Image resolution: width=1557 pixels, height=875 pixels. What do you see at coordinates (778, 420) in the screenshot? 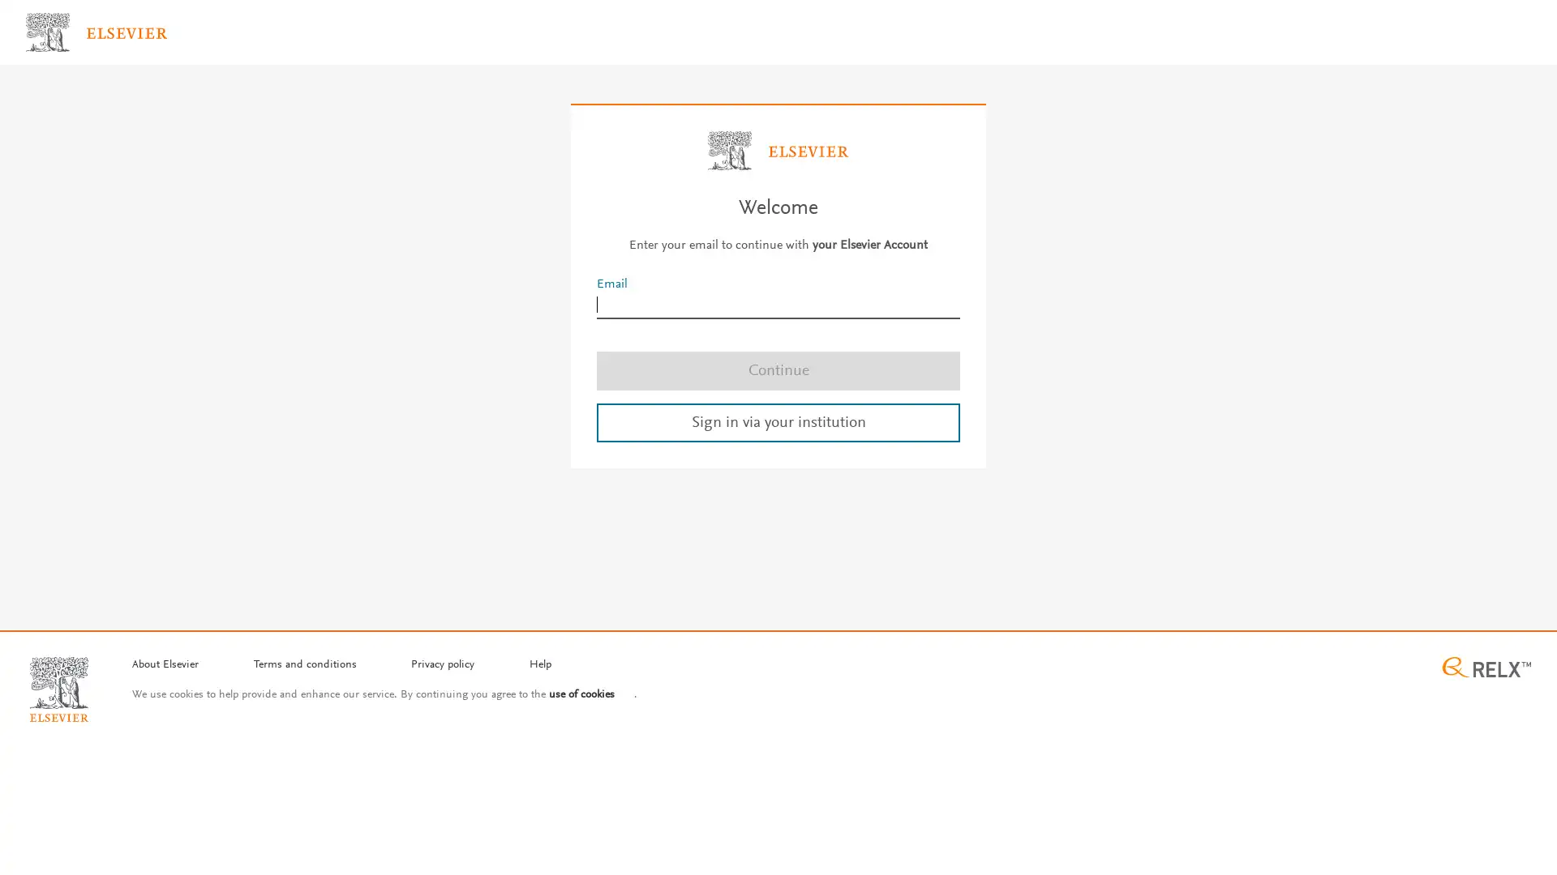
I see `Sign in via your institution` at bounding box center [778, 420].